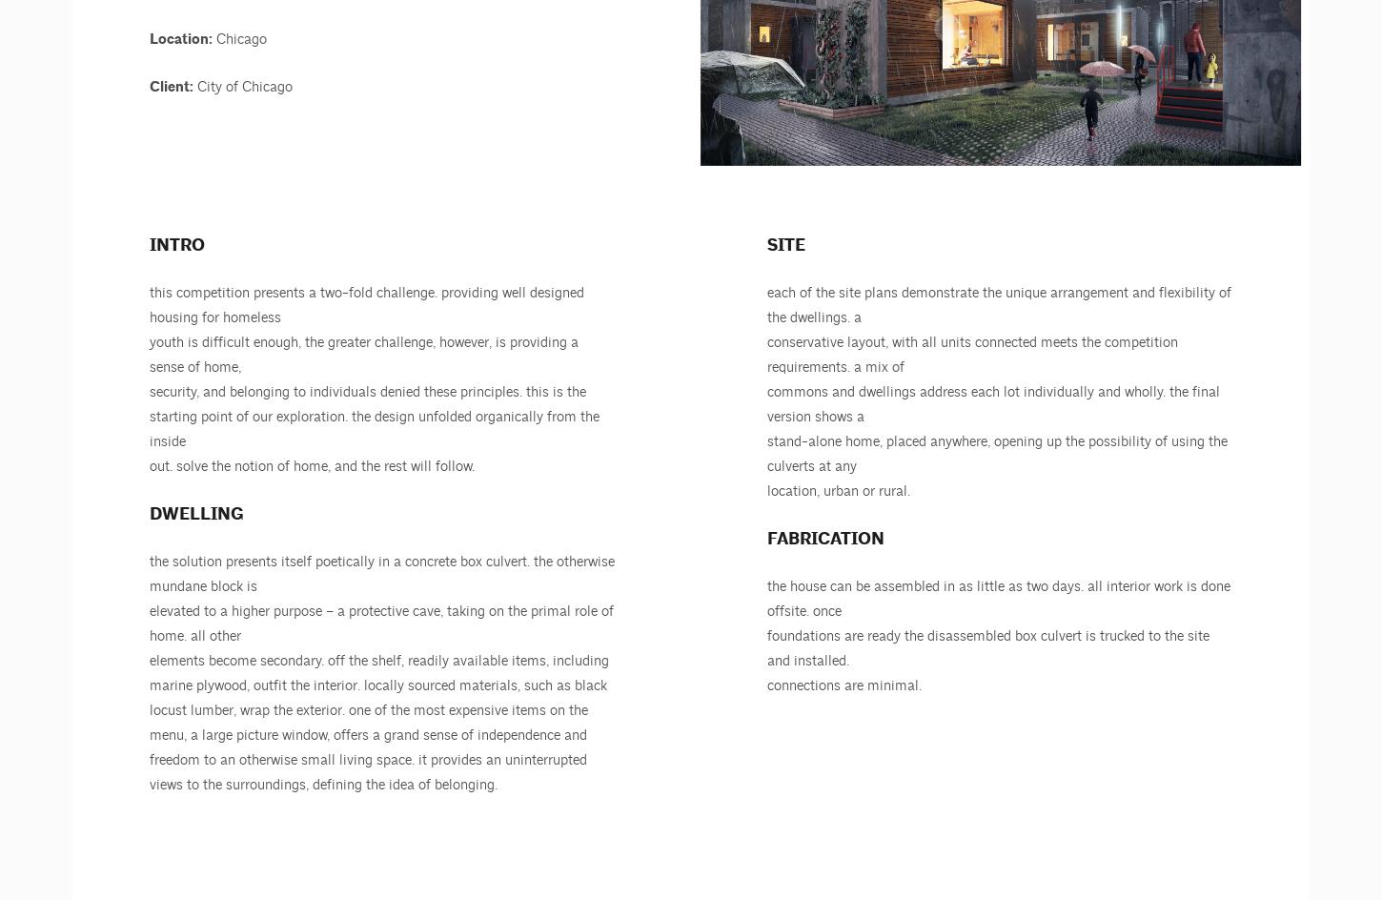 The image size is (1382, 900). Describe the element at coordinates (195, 513) in the screenshot. I see `'Dwelling'` at that location.